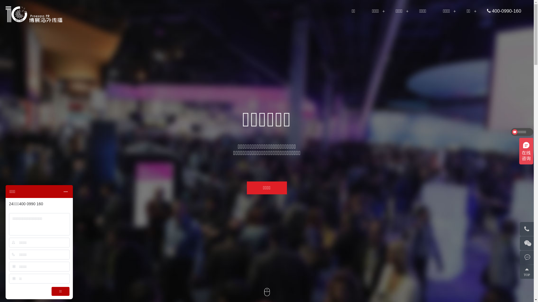  Describe the element at coordinates (528, 272) in the screenshot. I see `'TOP'` at that location.